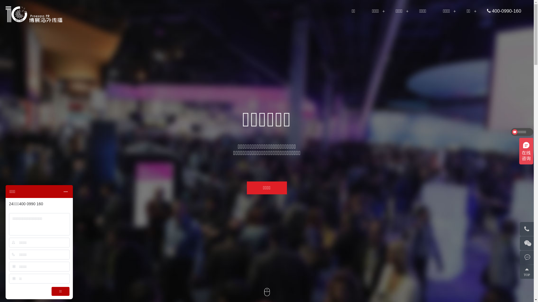  Describe the element at coordinates (528, 272) in the screenshot. I see `'TOP'` at that location.